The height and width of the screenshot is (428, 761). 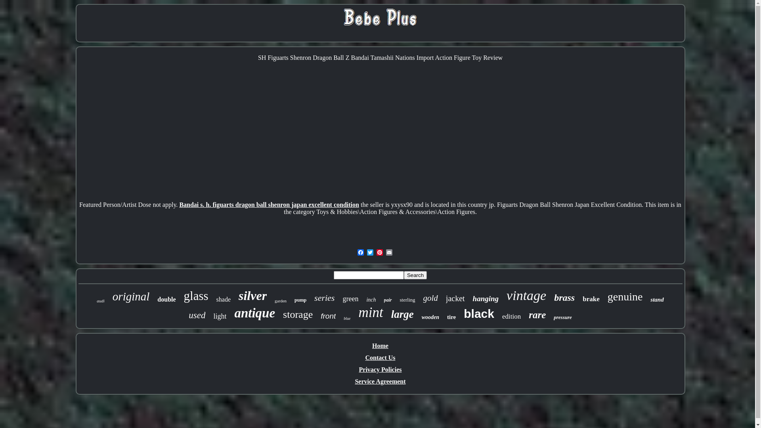 What do you see at coordinates (380, 357) in the screenshot?
I see `'Contact Us'` at bounding box center [380, 357].